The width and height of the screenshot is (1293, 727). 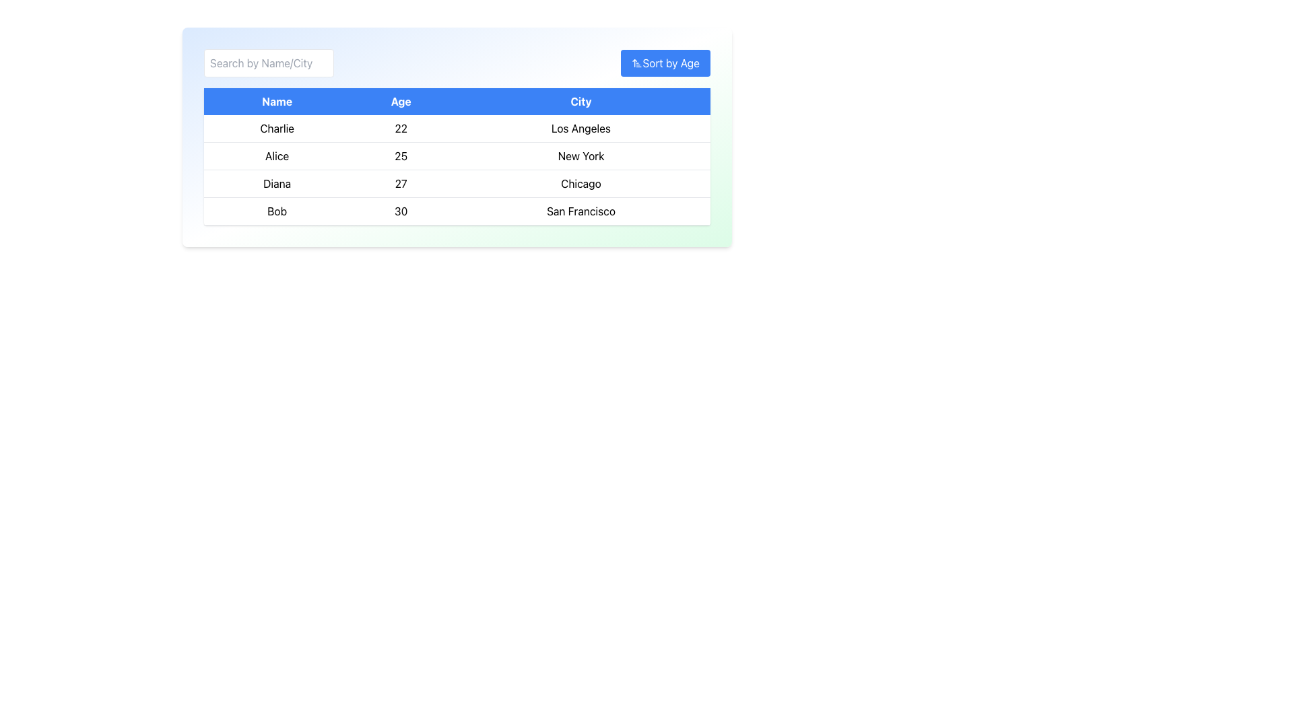 What do you see at coordinates (276, 184) in the screenshot?
I see `the text label displaying the word 'Diana' located in the first column of the third row of a table under the 'Name' column` at bounding box center [276, 184].